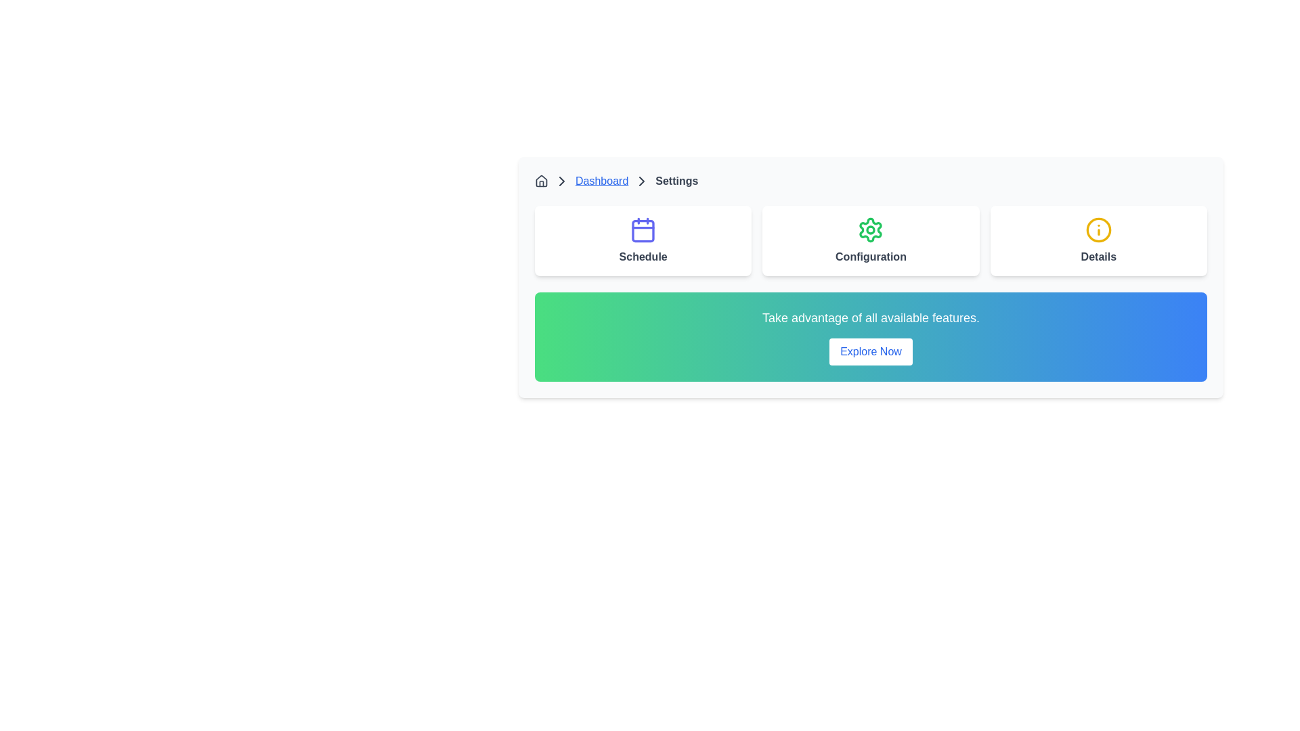 This screenshot has height=731, width=1300. What do you see at coordinates (643, 257) in the screenshot?
I see `the 'Schedule' text label, which is displayed in bold gray font inside a card component below a calendar icon` at bounding box center [643, 257].